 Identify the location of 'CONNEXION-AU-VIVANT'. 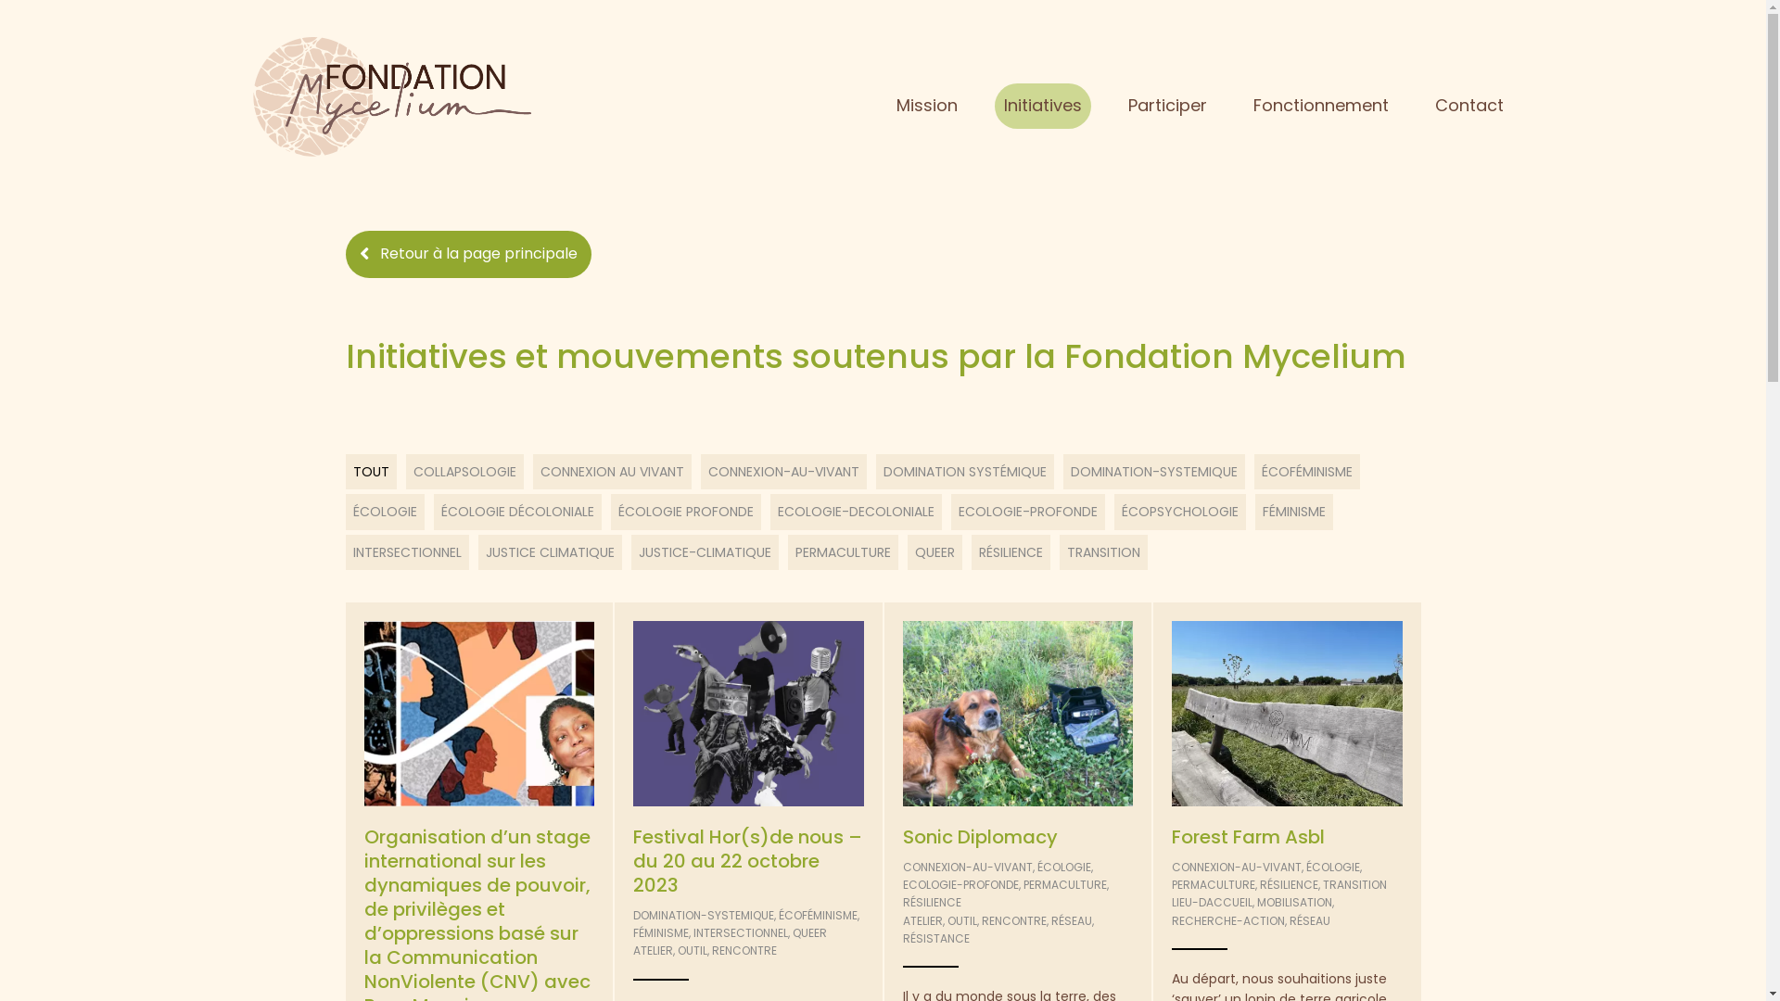
(966, 867).